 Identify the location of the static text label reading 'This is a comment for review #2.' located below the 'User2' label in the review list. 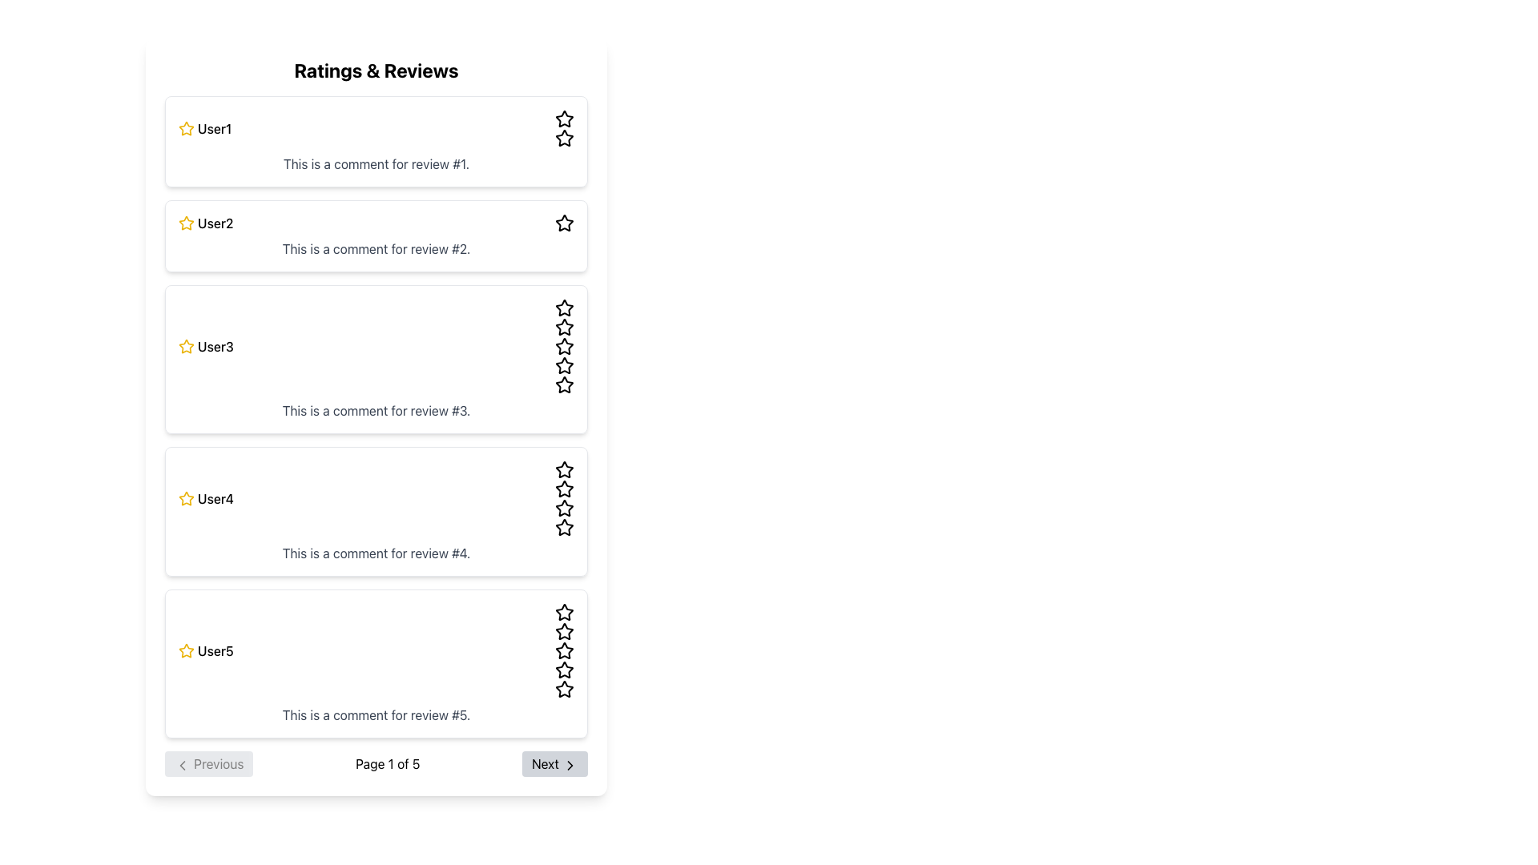
(376, 249).